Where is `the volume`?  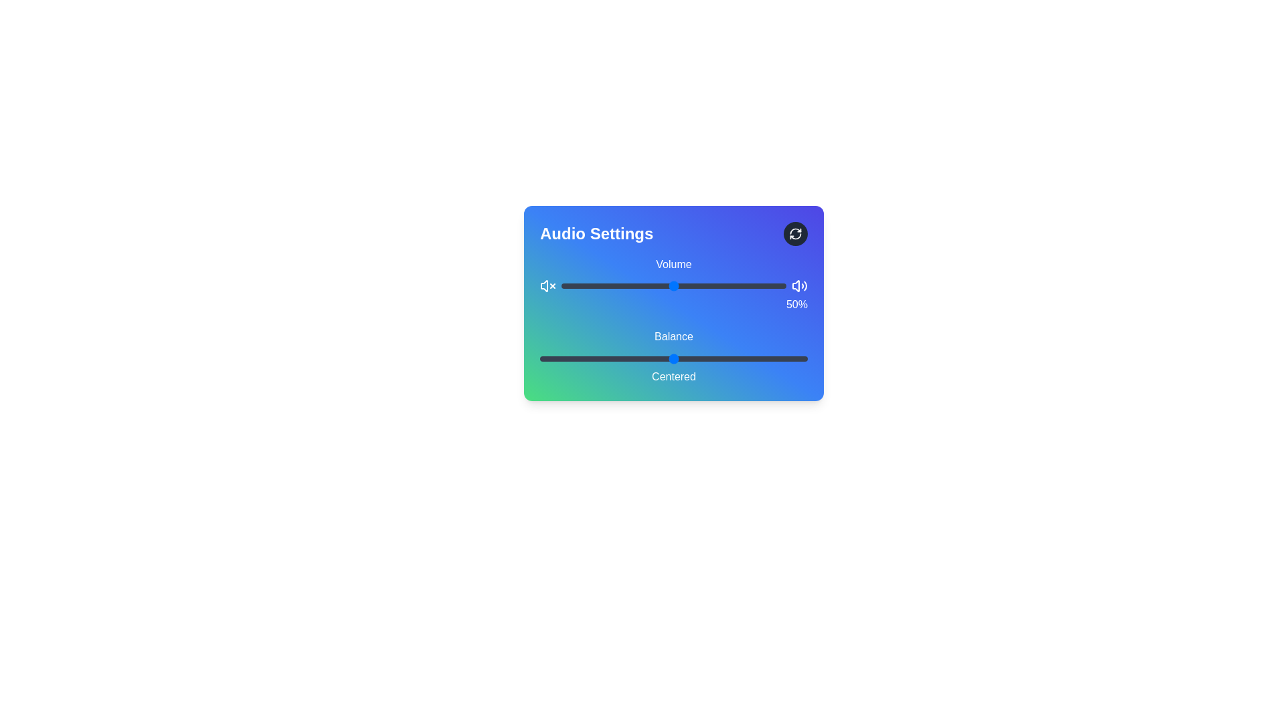
the volume is located at coordinates (720, 285).